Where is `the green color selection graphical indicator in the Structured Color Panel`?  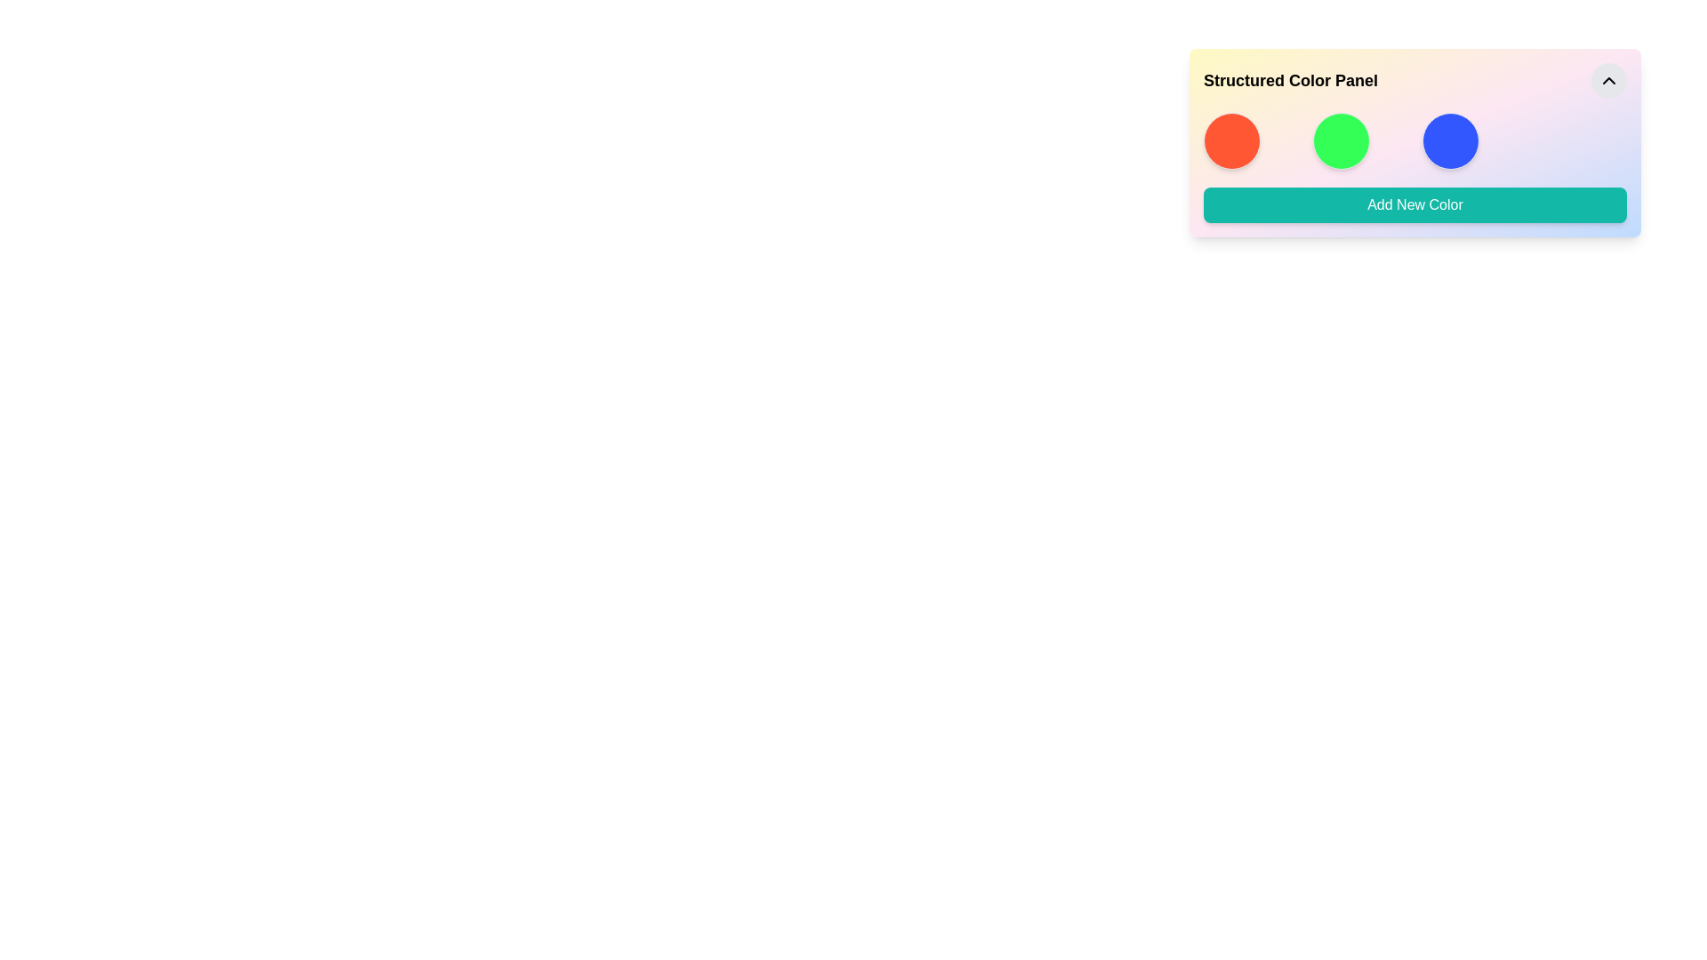
the green color selection graphical indicator in the Structured Color Panel is located at coordinates (1341, 140).